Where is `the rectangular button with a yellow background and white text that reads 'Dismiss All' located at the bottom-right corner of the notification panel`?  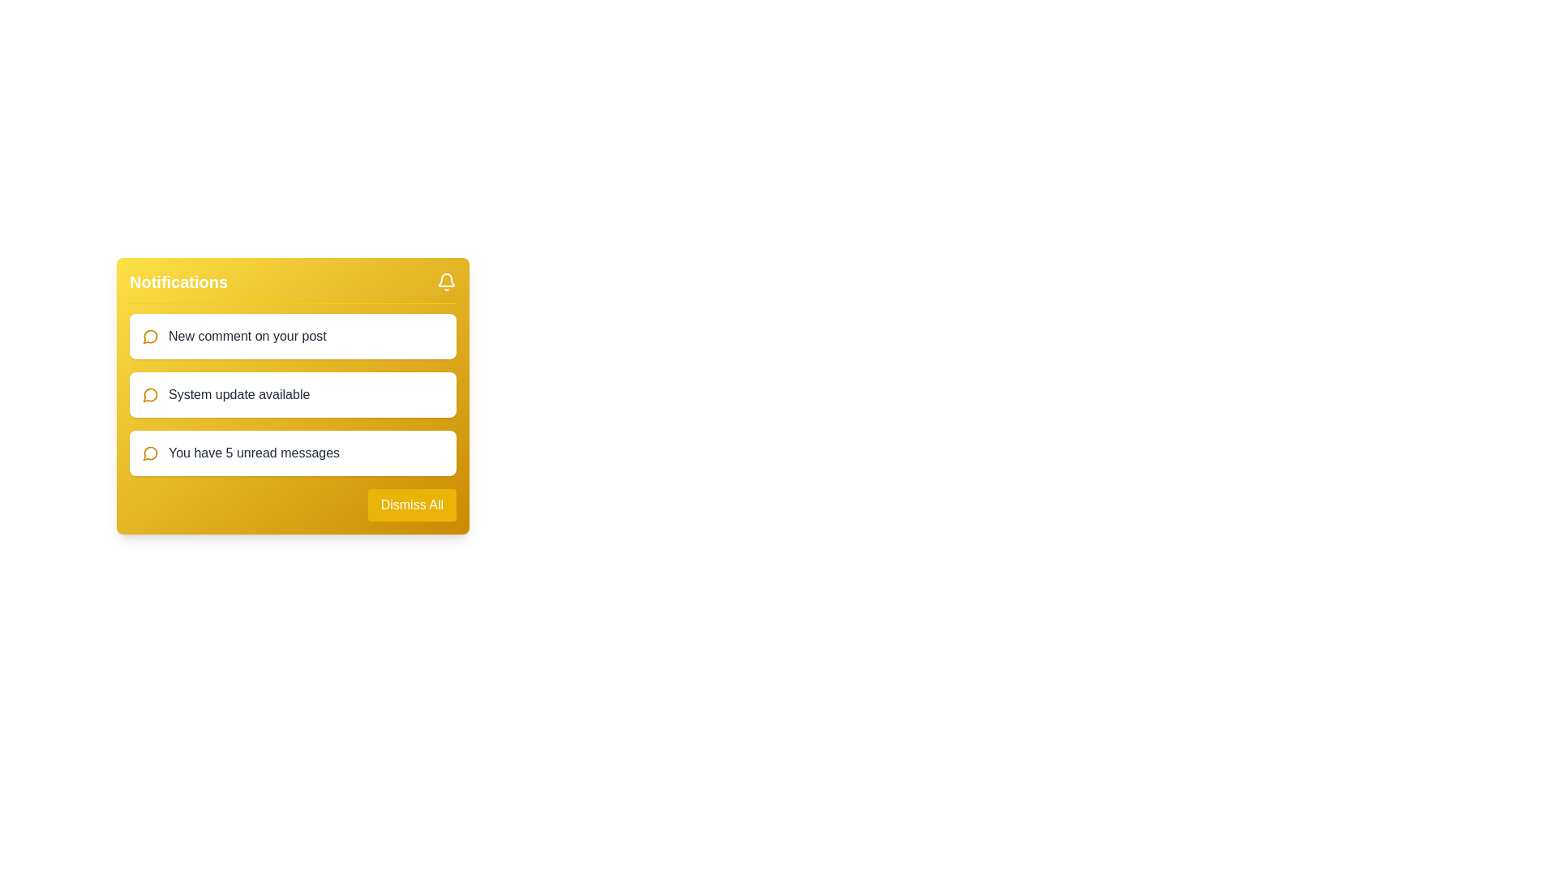
the rectangular button with a yellow background and white text that reads 'Dismiss All' located at the bottom-right corner of the notification panel is located at coordinates (412, 505).